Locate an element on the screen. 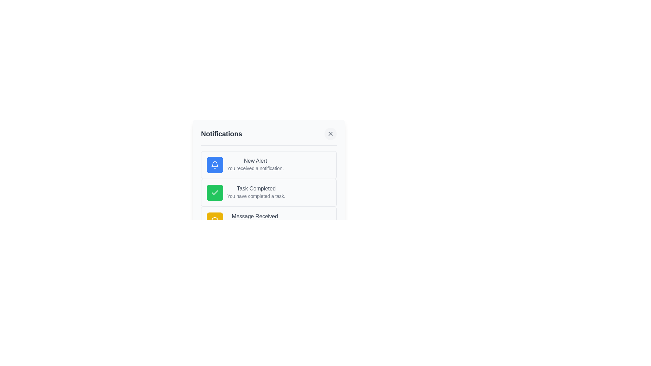 The width and height of the screenshot is (651, 366). notification details from the Text content block titled 'New Alert' with the subtitle 'You received a notification.' is located at coordinates (255, 164).